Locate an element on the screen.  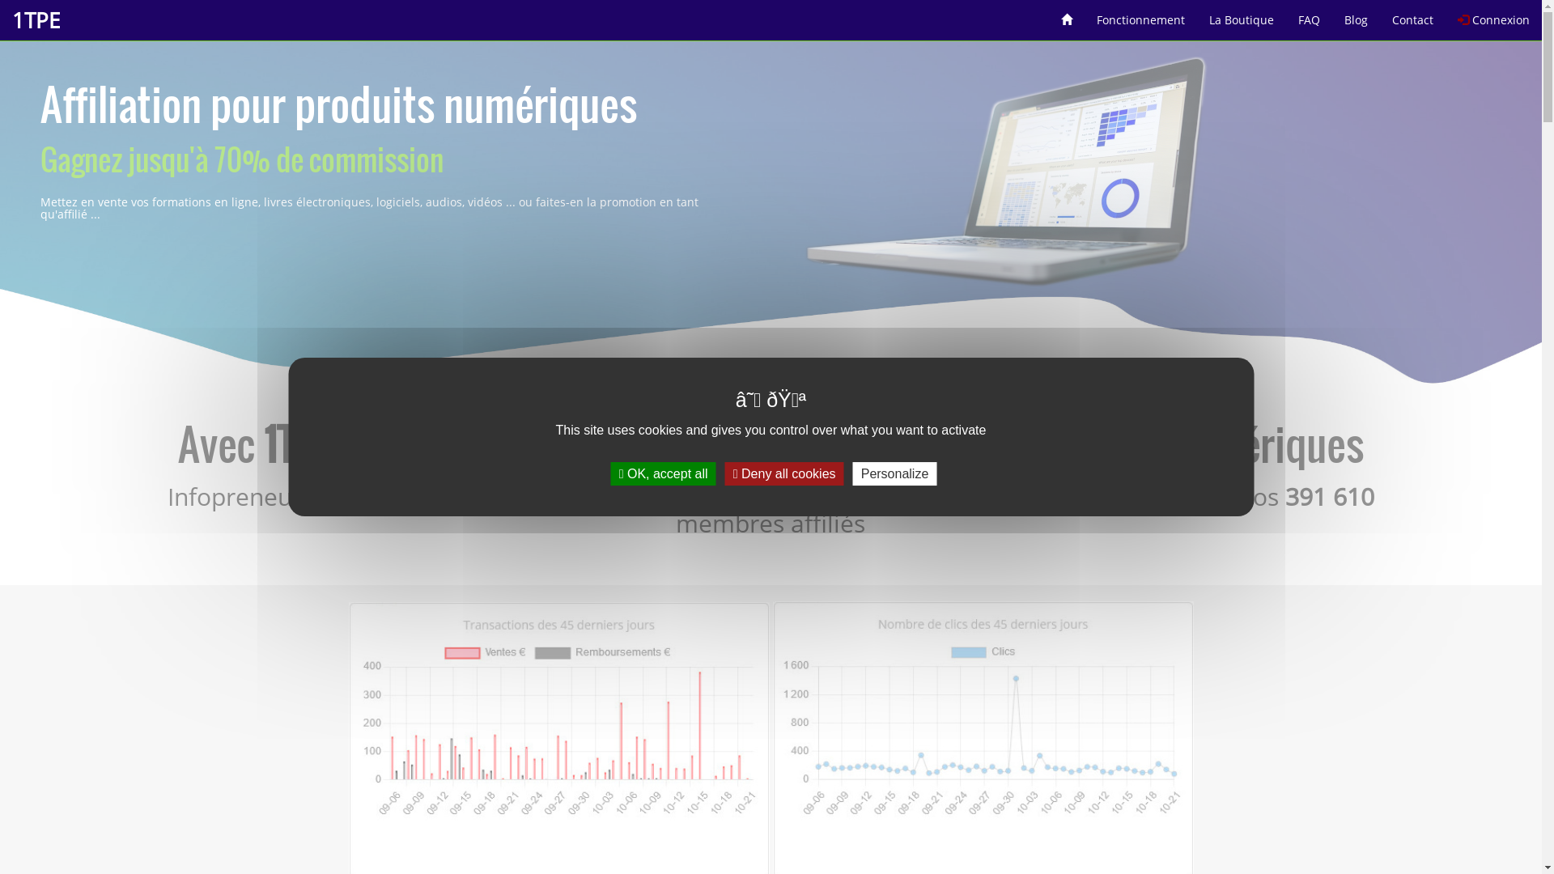
'Contact' is located at coordinates (1412, 14).